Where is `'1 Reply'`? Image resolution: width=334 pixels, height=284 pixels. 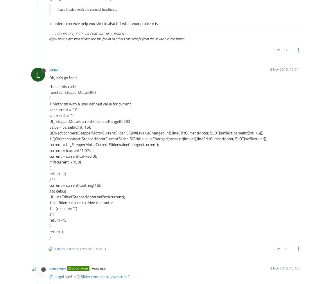
'1 Reply' is located at coordinates (59, 248).